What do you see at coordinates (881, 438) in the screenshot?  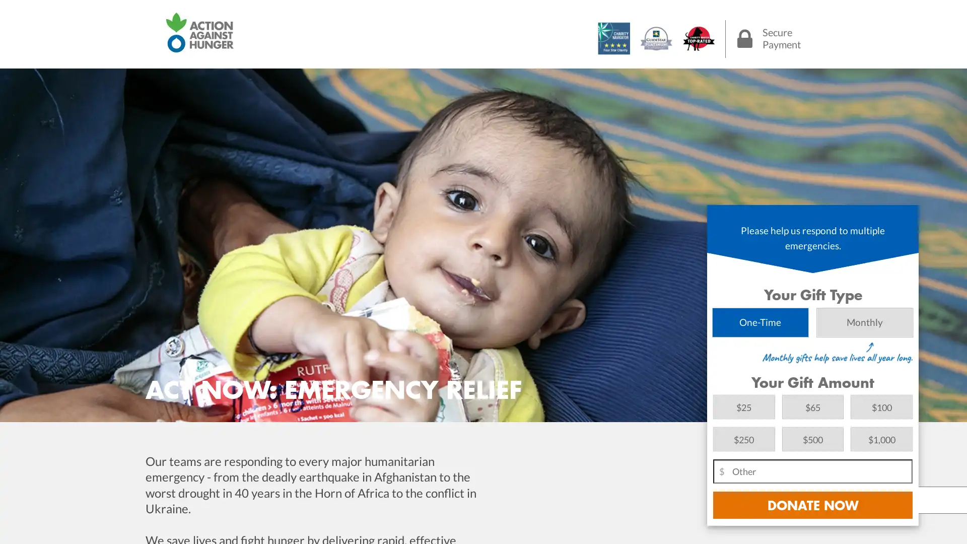 I see `$1,000` at bounding box center [881, 438].